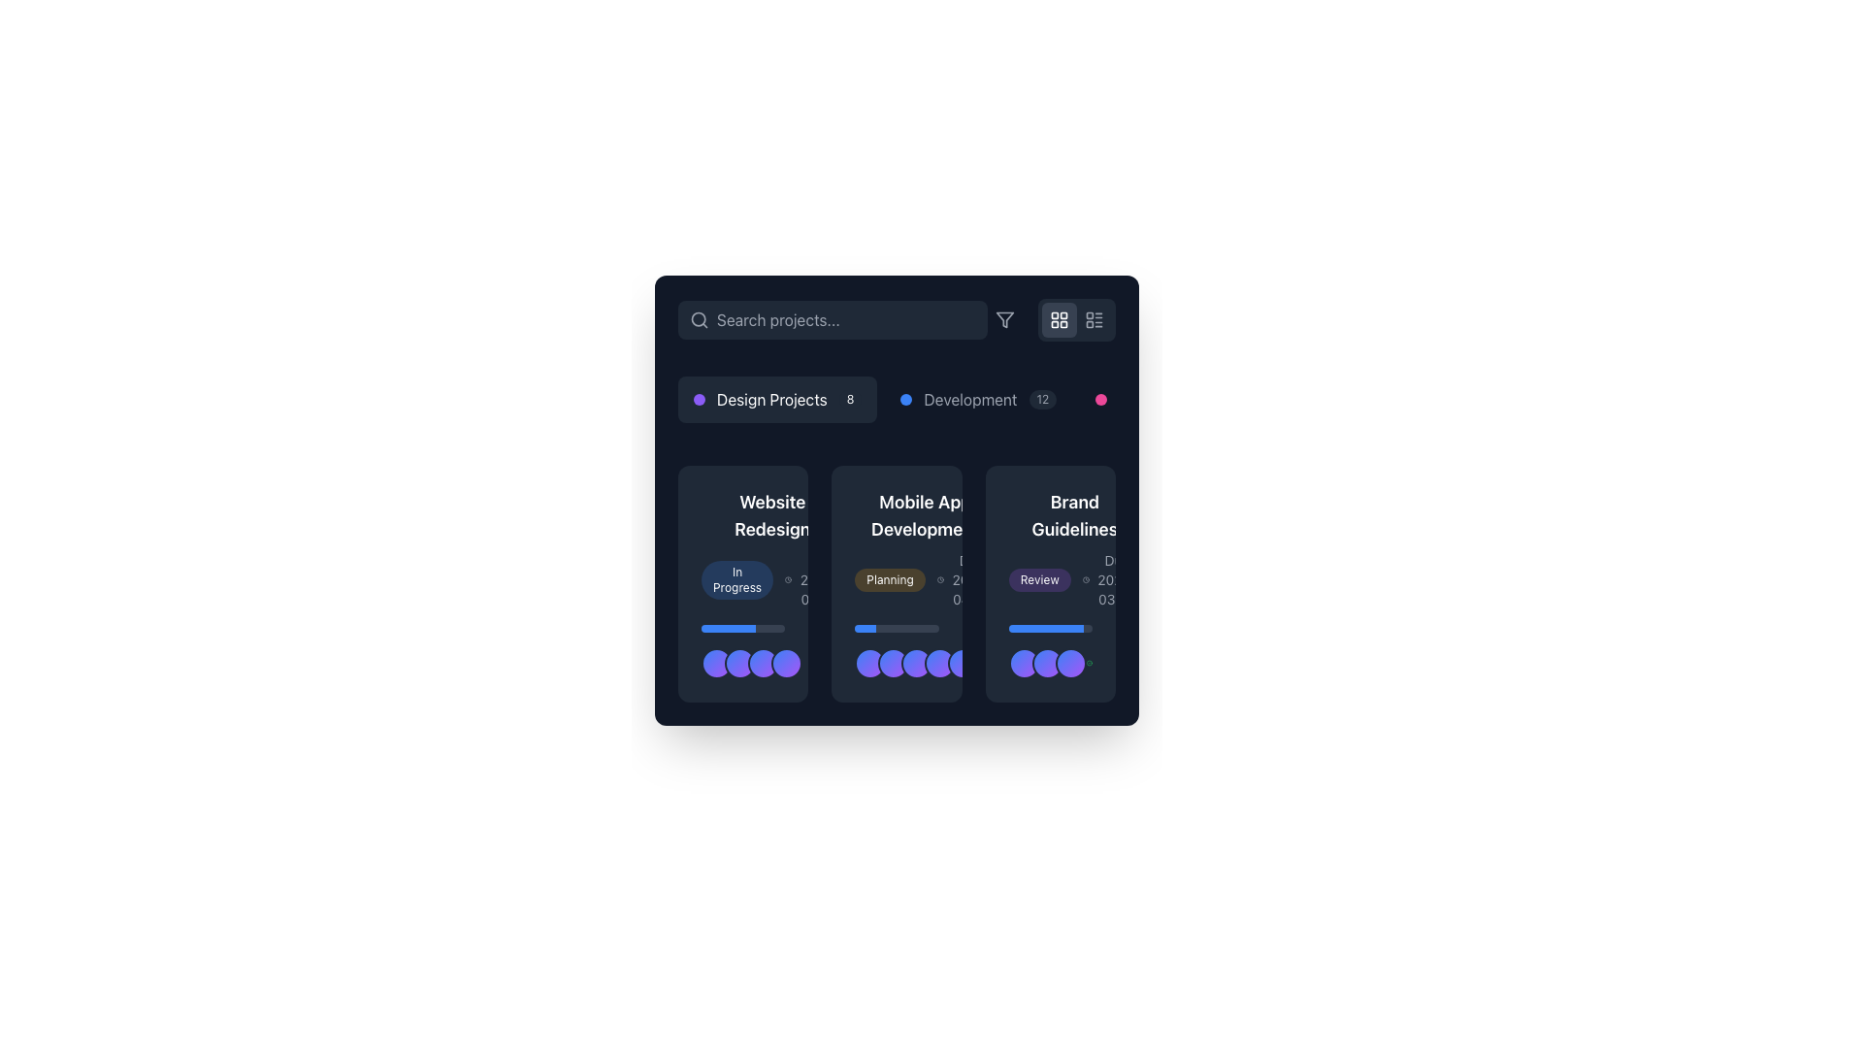  What do you see at coordinates (1042, 399) in the screenshot?
I see `the pill-shaped badge displaying the number '12', which is positioned adjacent to the 'Development' label in the upper section of the interface` at bounding box center [1042, 399].